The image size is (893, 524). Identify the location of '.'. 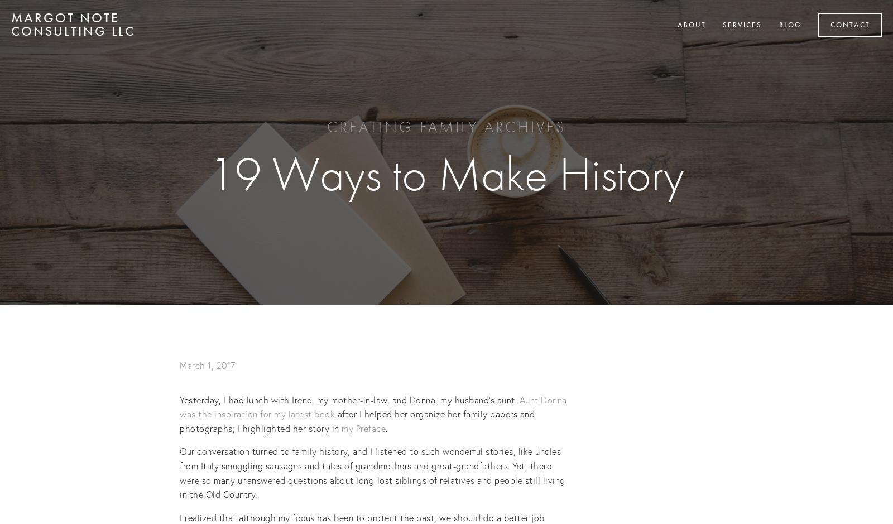
(386, 427).